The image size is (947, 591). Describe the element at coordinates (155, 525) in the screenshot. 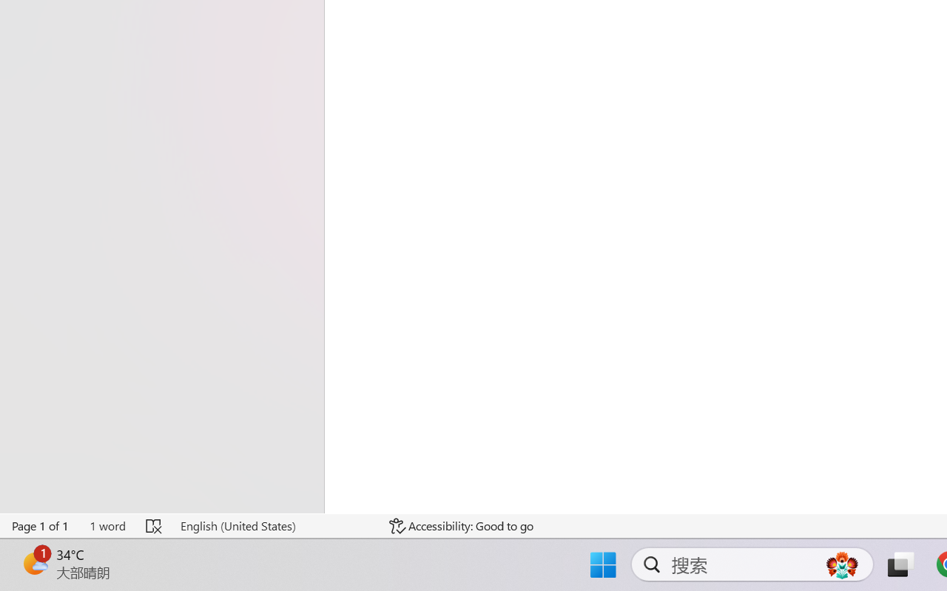

I see `'Spelling and Grammar Check Errors'` at that location.